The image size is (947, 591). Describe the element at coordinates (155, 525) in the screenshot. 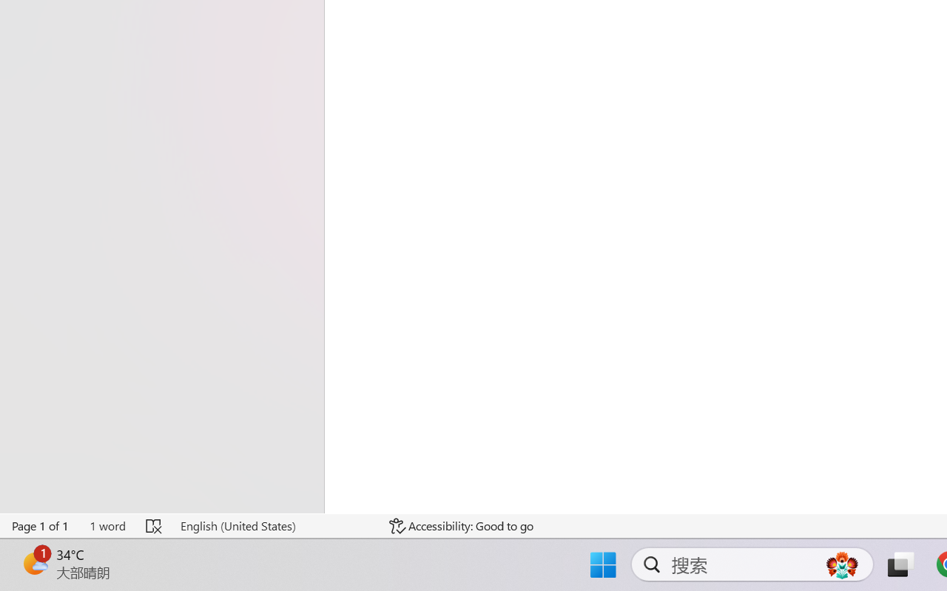

I see `'Spelling and Grammar Check Errors'` at that location.